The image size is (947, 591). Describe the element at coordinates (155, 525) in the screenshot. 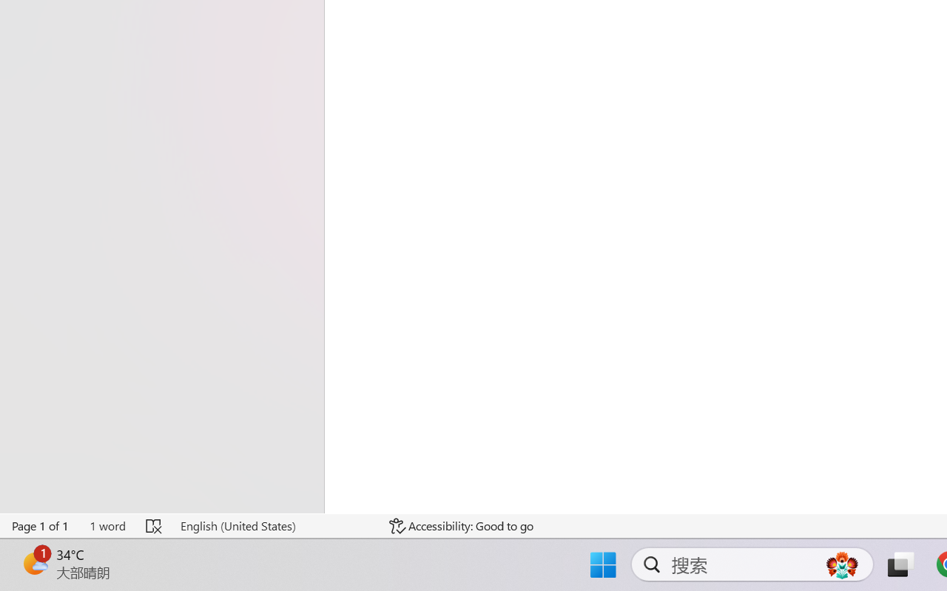

I see `'Spelling and Grammar Check Errors'` at that location.